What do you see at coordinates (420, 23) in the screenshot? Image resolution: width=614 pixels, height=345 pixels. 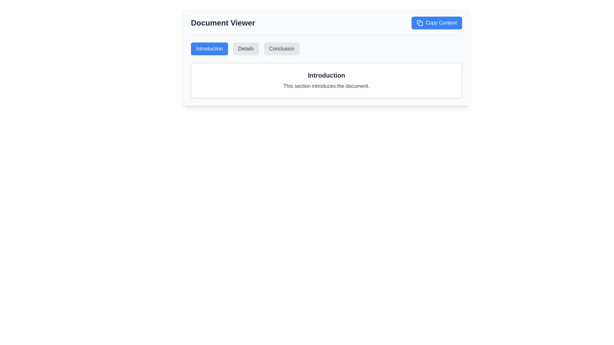 I see `the square icon with rounded corners located to the left of the 'Copy Content' text on the blue button at the top-right corner of the user interface` at bounding box center [420, 23].